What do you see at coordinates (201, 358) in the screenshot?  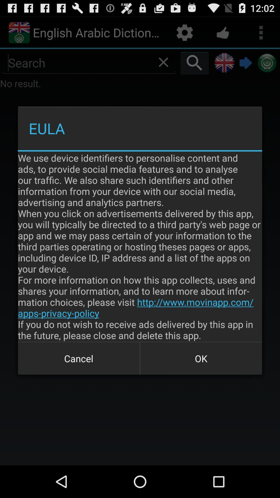 I see `ok button` at bounding box center [201, 358].